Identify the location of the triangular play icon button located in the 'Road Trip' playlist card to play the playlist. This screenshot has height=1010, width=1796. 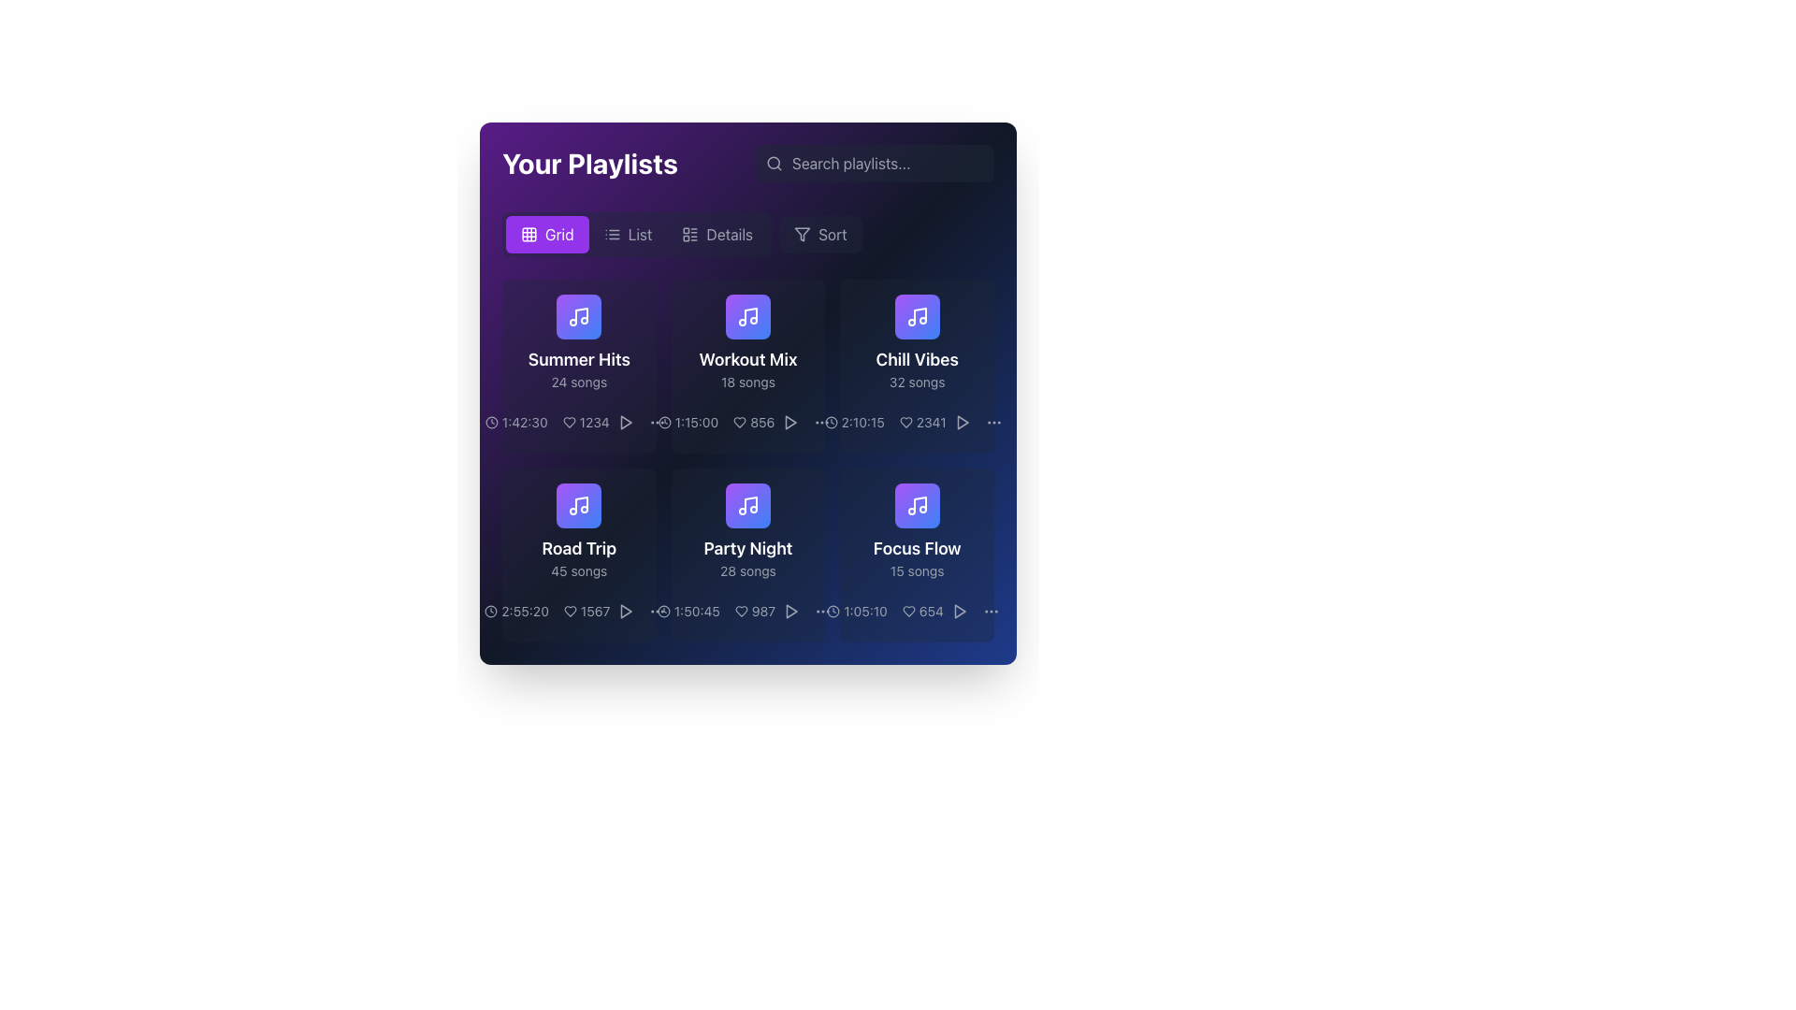
(626, 612).